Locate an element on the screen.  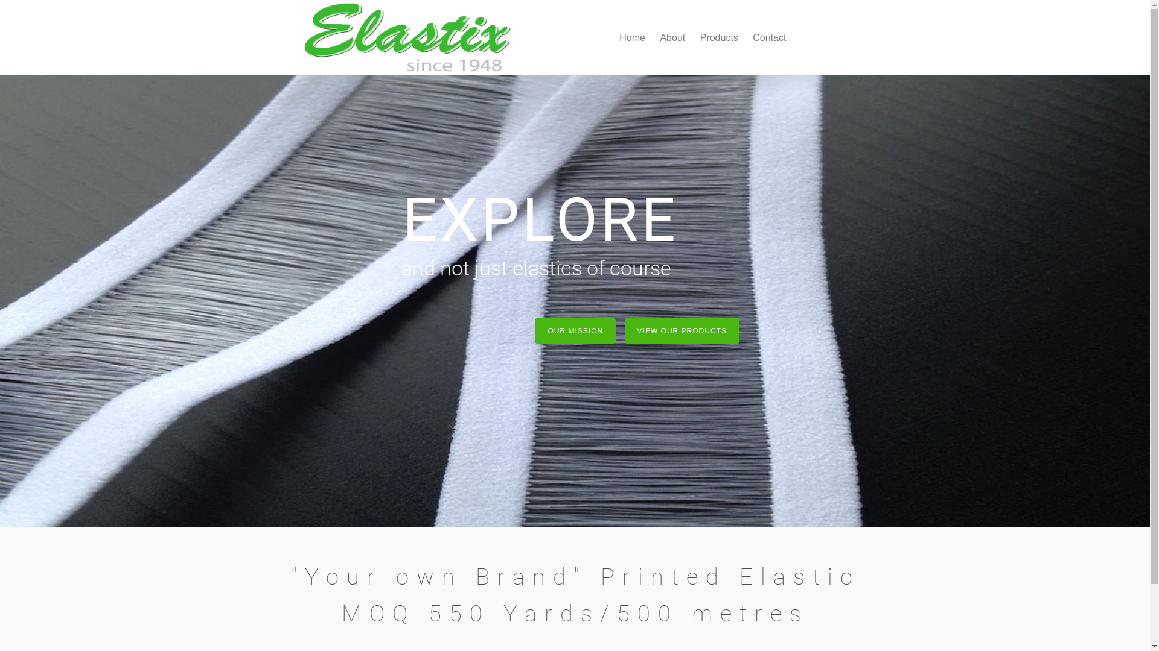
'Products' is located at coordinates (719, 36).